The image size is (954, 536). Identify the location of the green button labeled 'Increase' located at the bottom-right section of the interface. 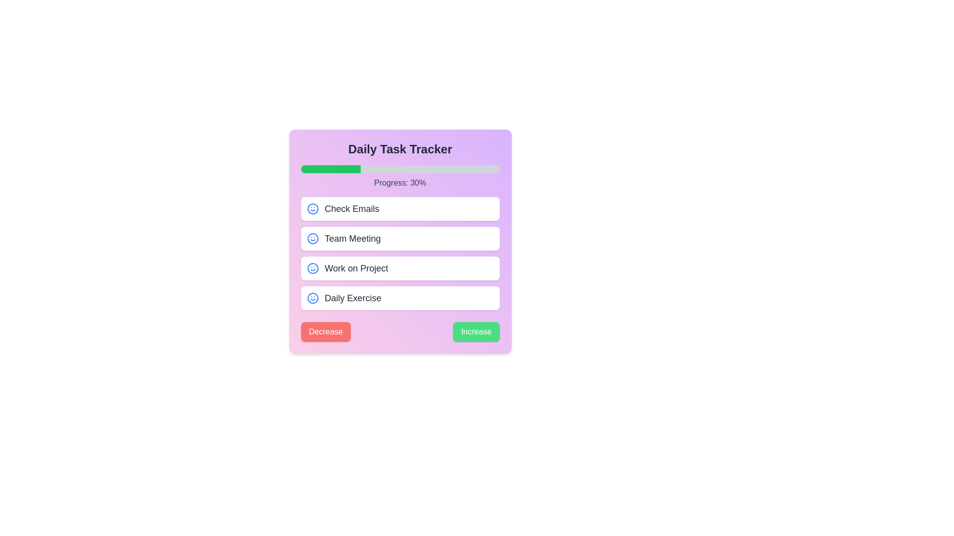
(476, 332).